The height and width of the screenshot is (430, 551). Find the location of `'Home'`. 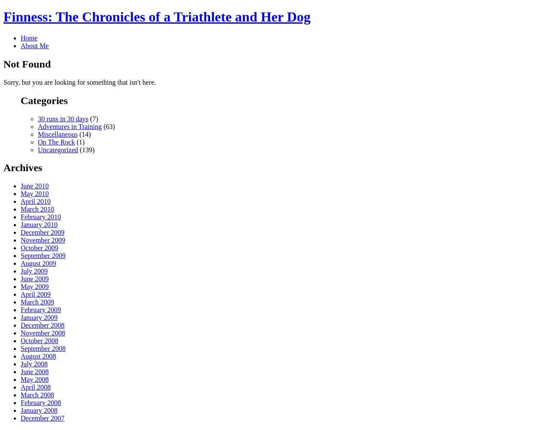

'Home' is located at coordinates (29, 37).